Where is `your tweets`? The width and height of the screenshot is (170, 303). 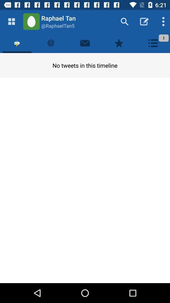 your tweets is located at coordinates (51, 43).